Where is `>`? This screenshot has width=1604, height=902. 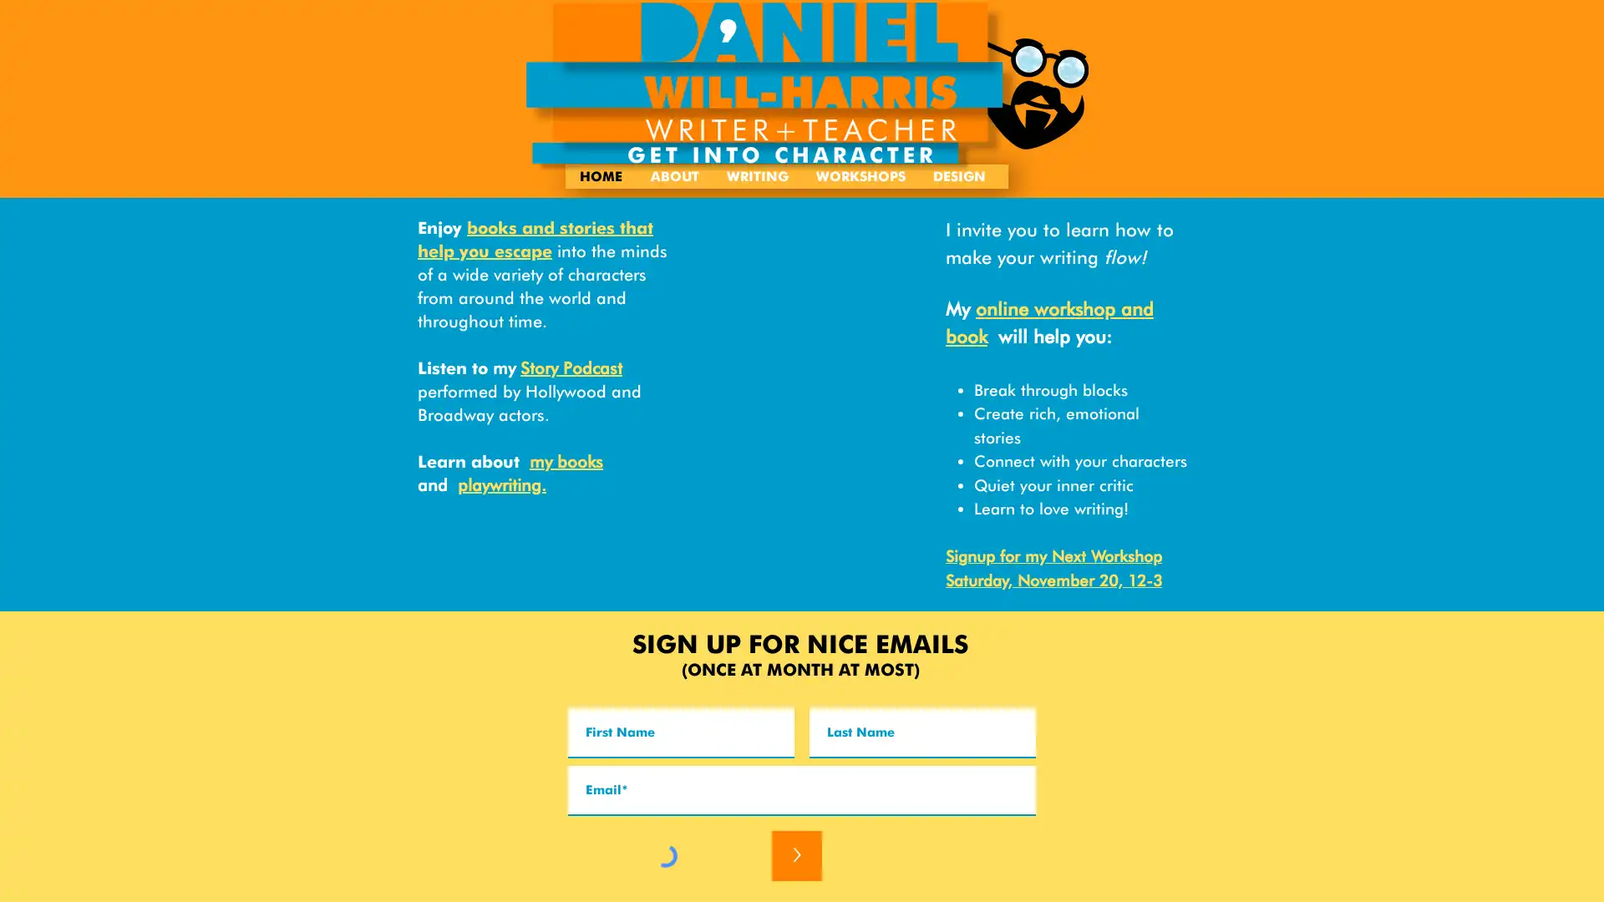 > is located at coordinates (796, 856).